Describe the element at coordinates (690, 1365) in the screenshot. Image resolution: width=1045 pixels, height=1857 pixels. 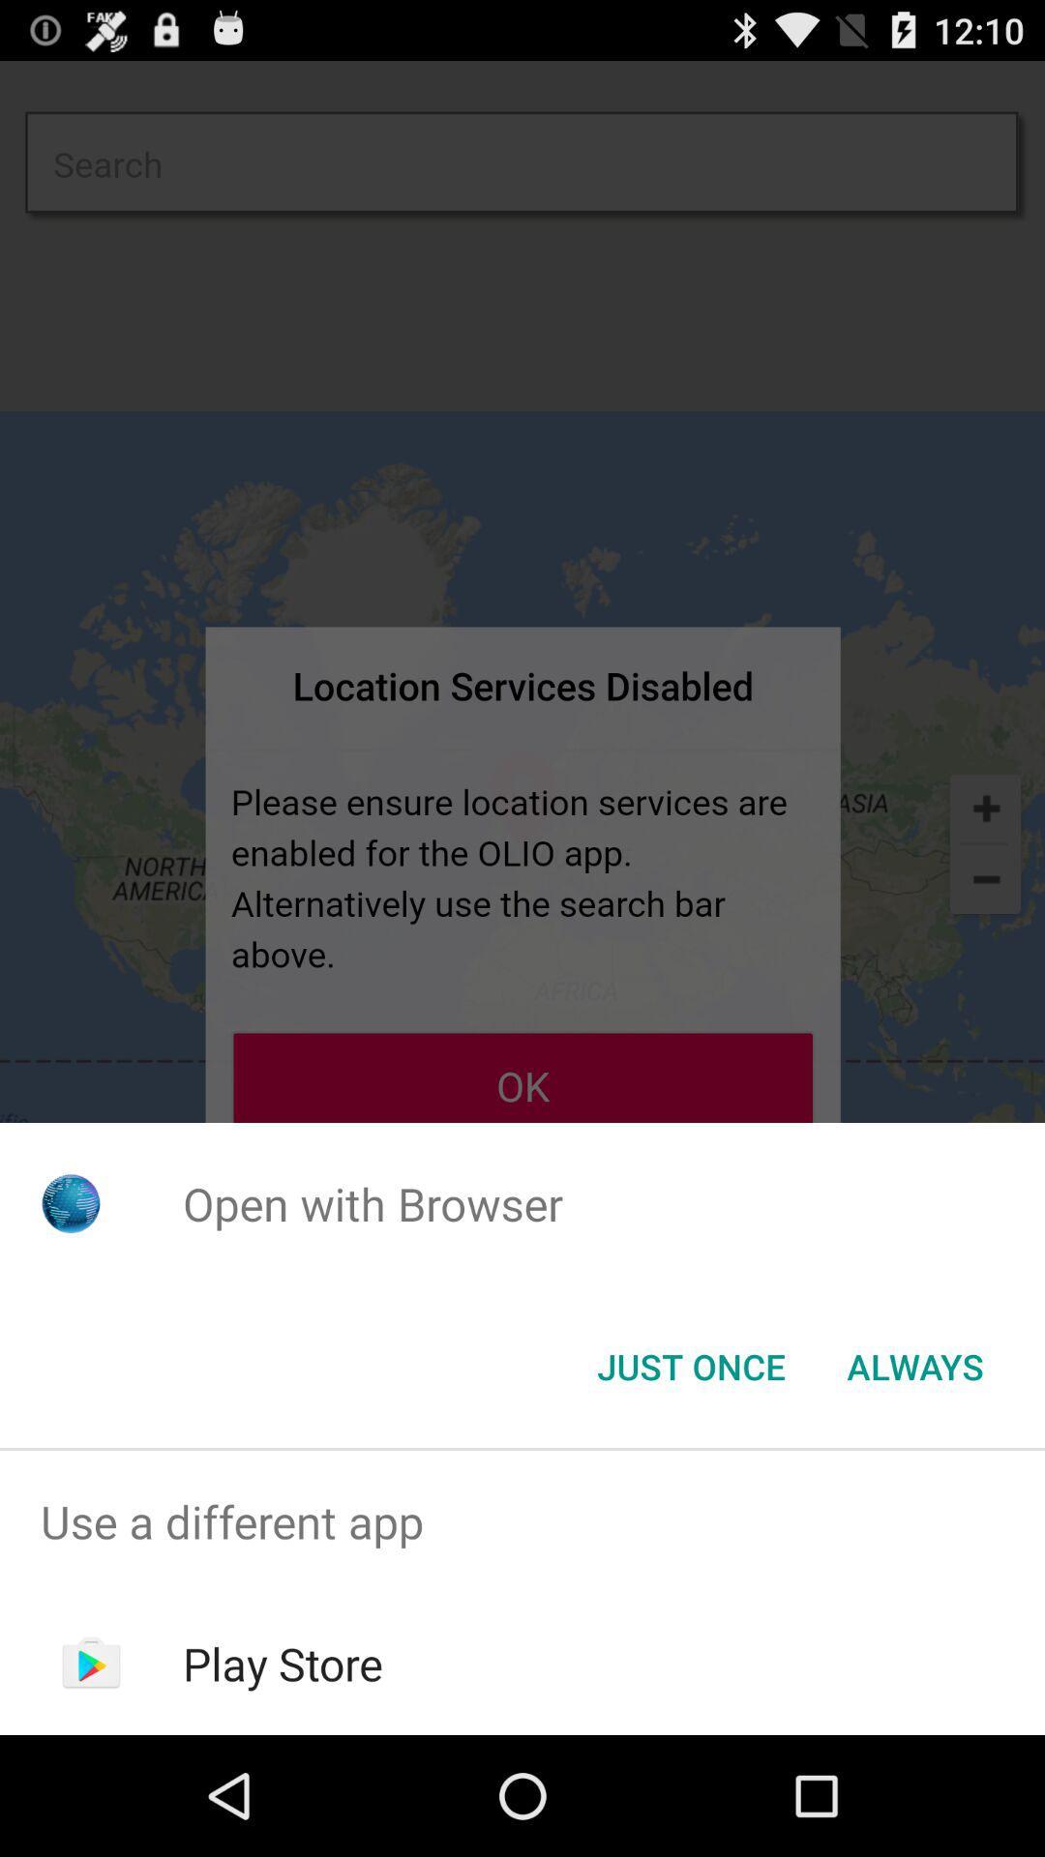
I see `icon to the left of always` at that location.